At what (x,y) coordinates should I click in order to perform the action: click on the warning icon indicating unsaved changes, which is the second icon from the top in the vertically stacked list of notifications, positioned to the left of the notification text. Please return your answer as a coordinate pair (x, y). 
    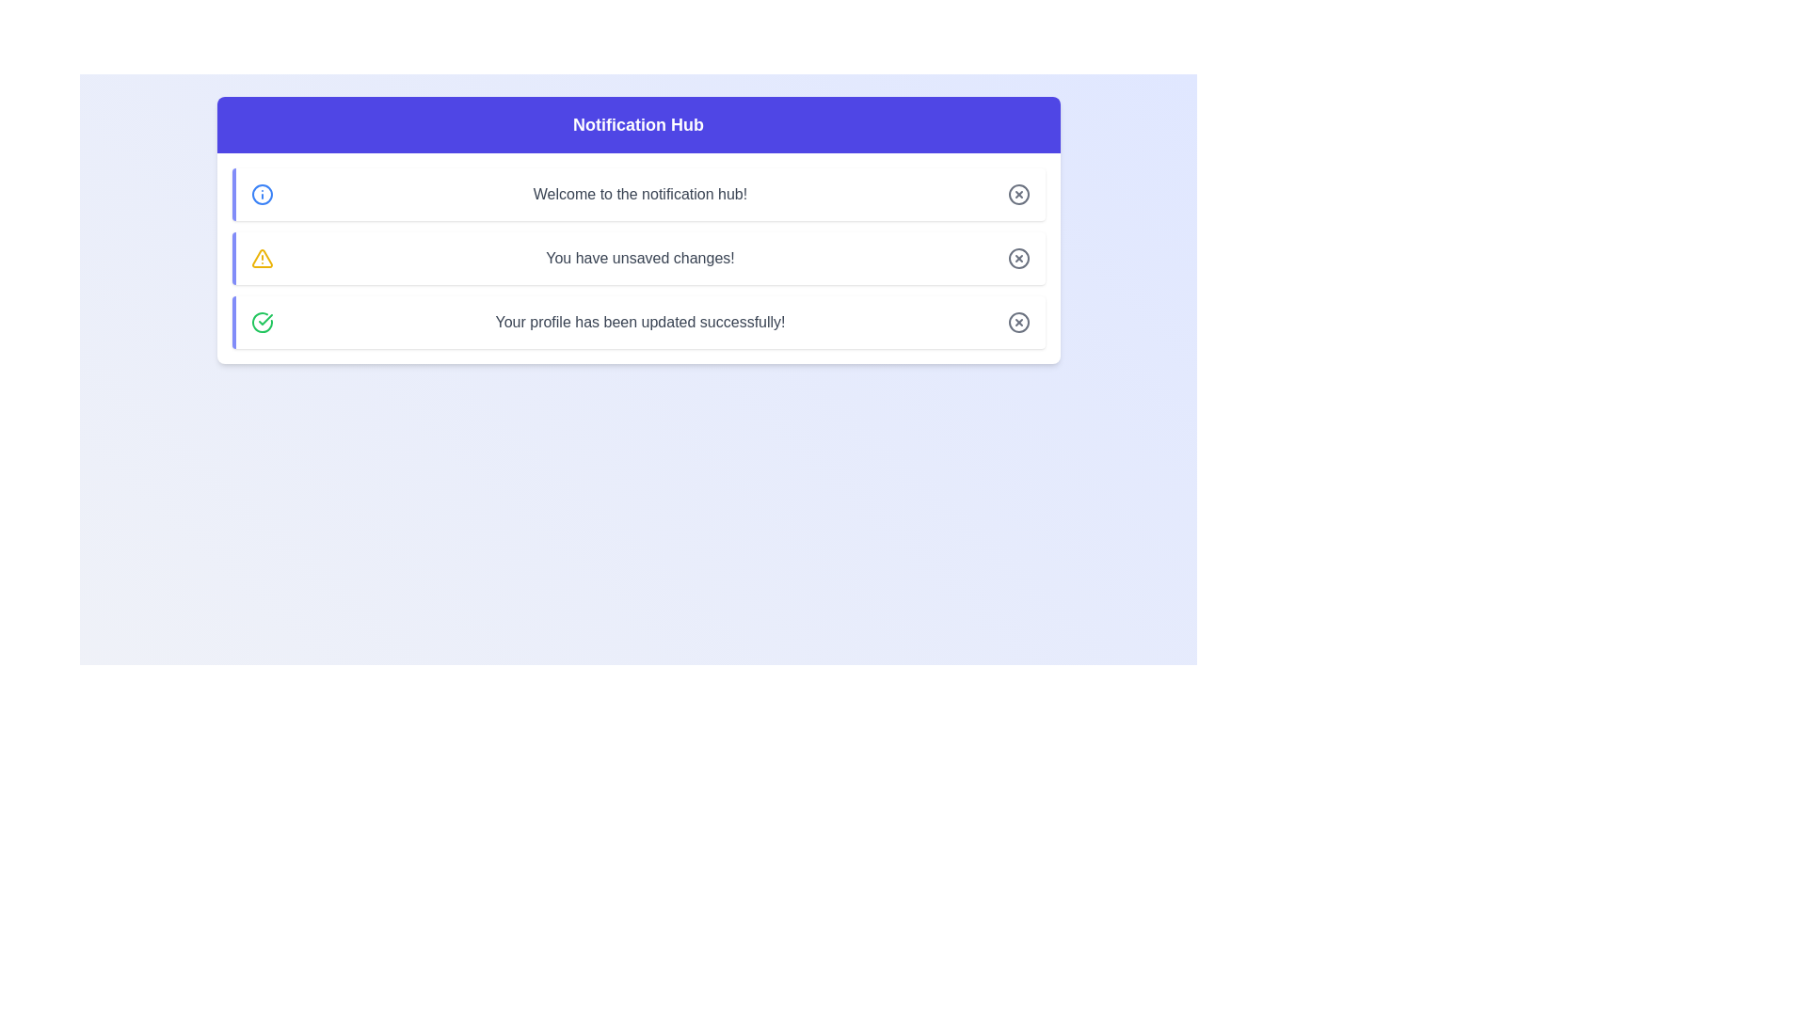
    Looking at the image, I should click on (261, 258).